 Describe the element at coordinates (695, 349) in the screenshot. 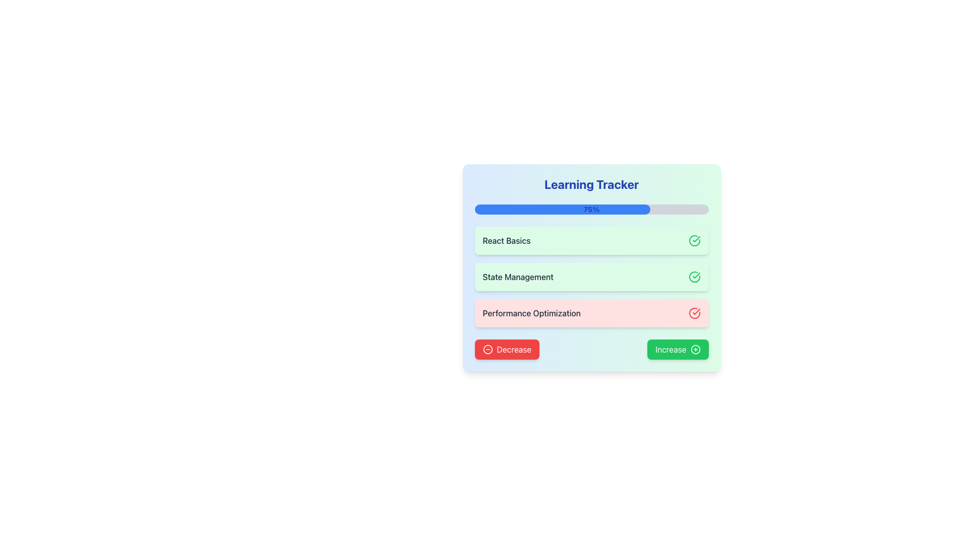

I see `SVG Circle element that visually represents the circular portion of the icon within the green 'Increase' button located at the bottom-right corner of the interface` at that location.